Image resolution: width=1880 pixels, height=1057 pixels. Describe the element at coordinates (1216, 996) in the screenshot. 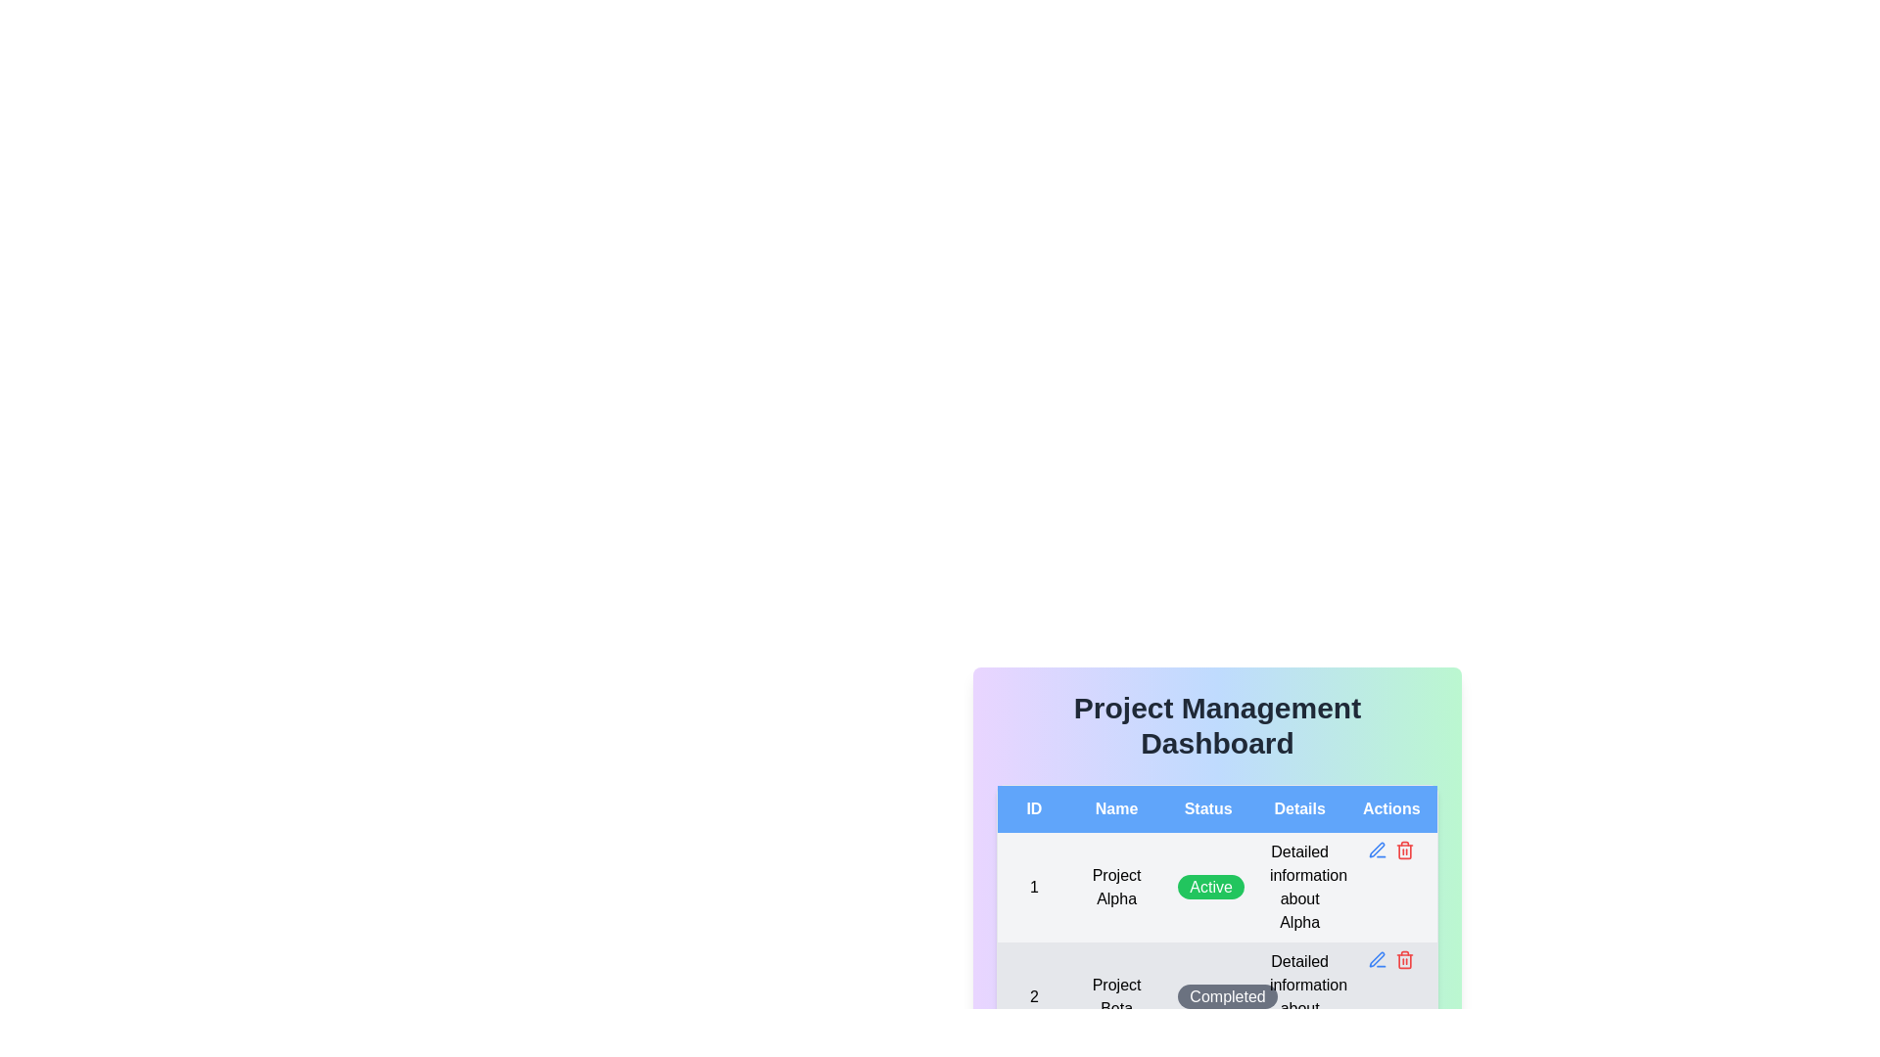

I see `the 'Completed' status label in the second row of the table for 'Project Beta'` at that location.